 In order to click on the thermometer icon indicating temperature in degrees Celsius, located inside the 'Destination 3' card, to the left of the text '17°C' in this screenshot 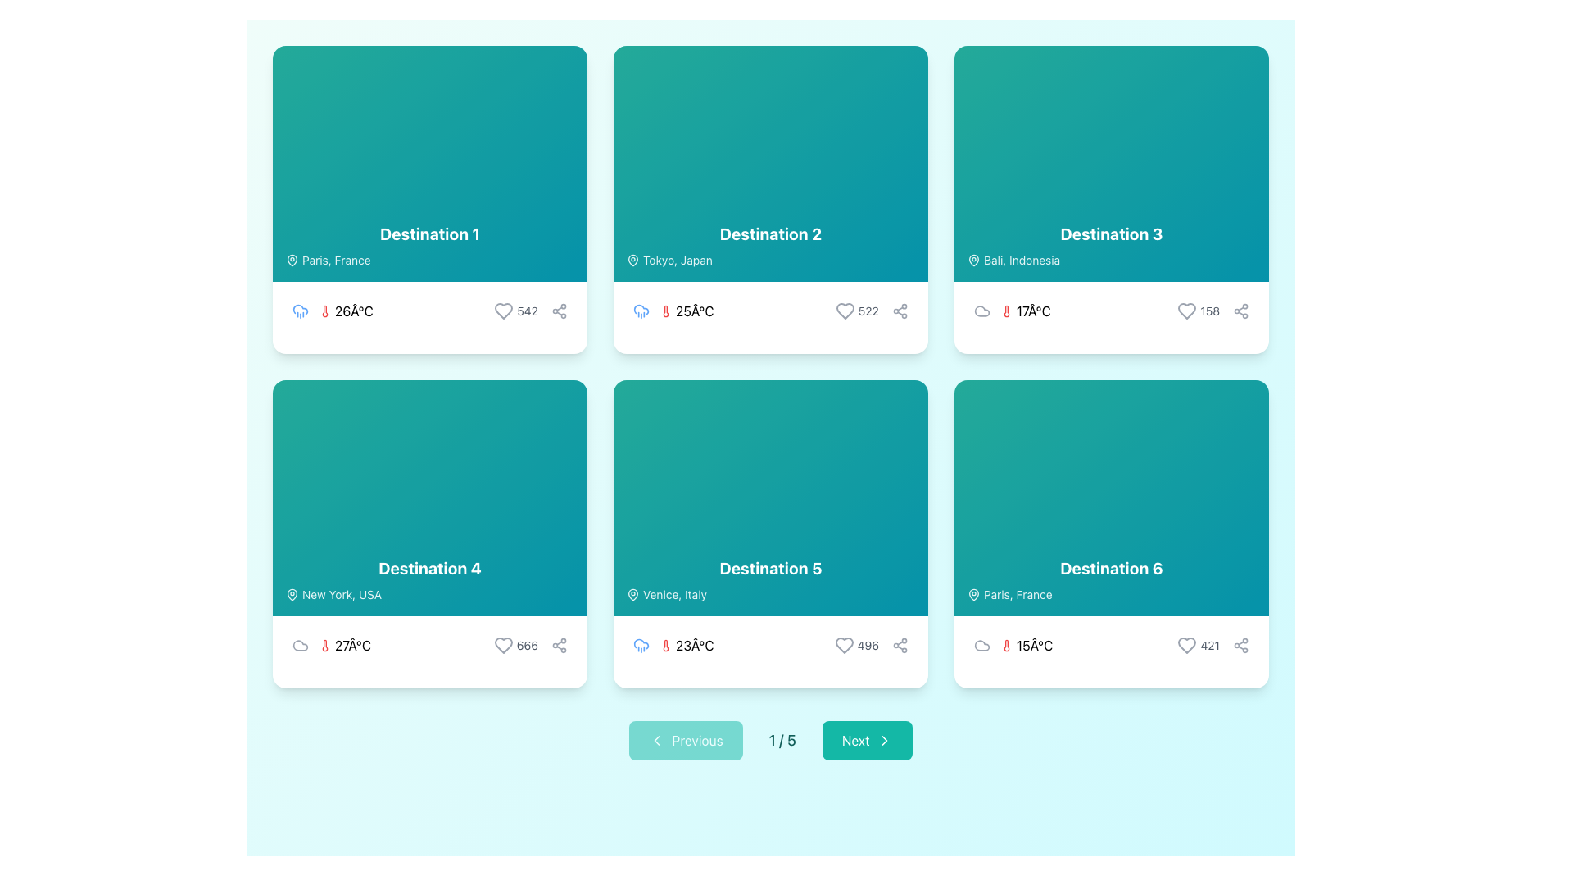, I will do `click(1005, 311)`.